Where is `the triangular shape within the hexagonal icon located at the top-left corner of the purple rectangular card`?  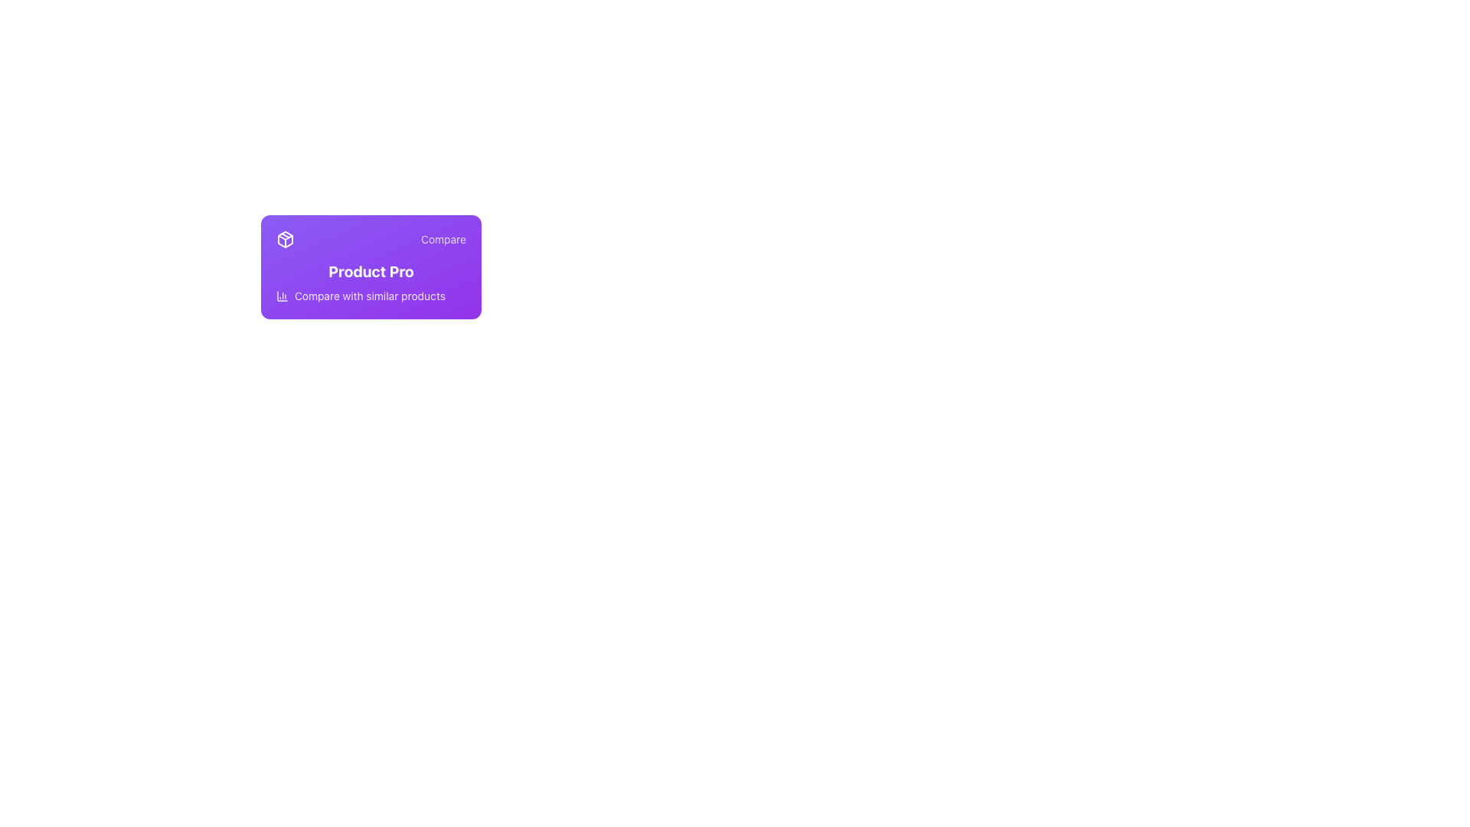
the triangular shape within the hexagonal icon located at the top-left corner of the purple rectangular card is located at coordinates (286, 237).